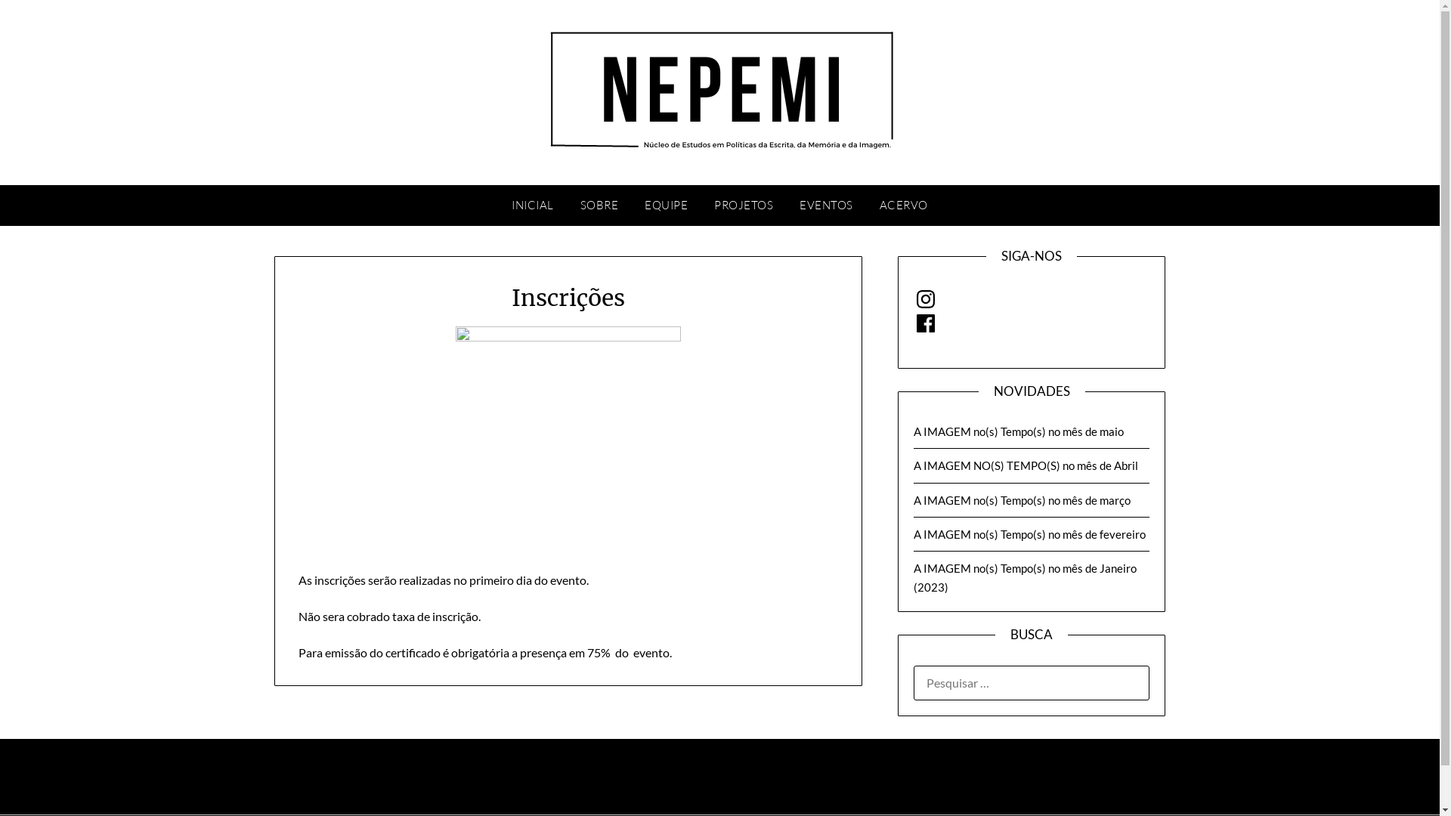 The width and height of the screenshot is (1451, 816). I want to click on 'ACERVO', so click(903, 206).